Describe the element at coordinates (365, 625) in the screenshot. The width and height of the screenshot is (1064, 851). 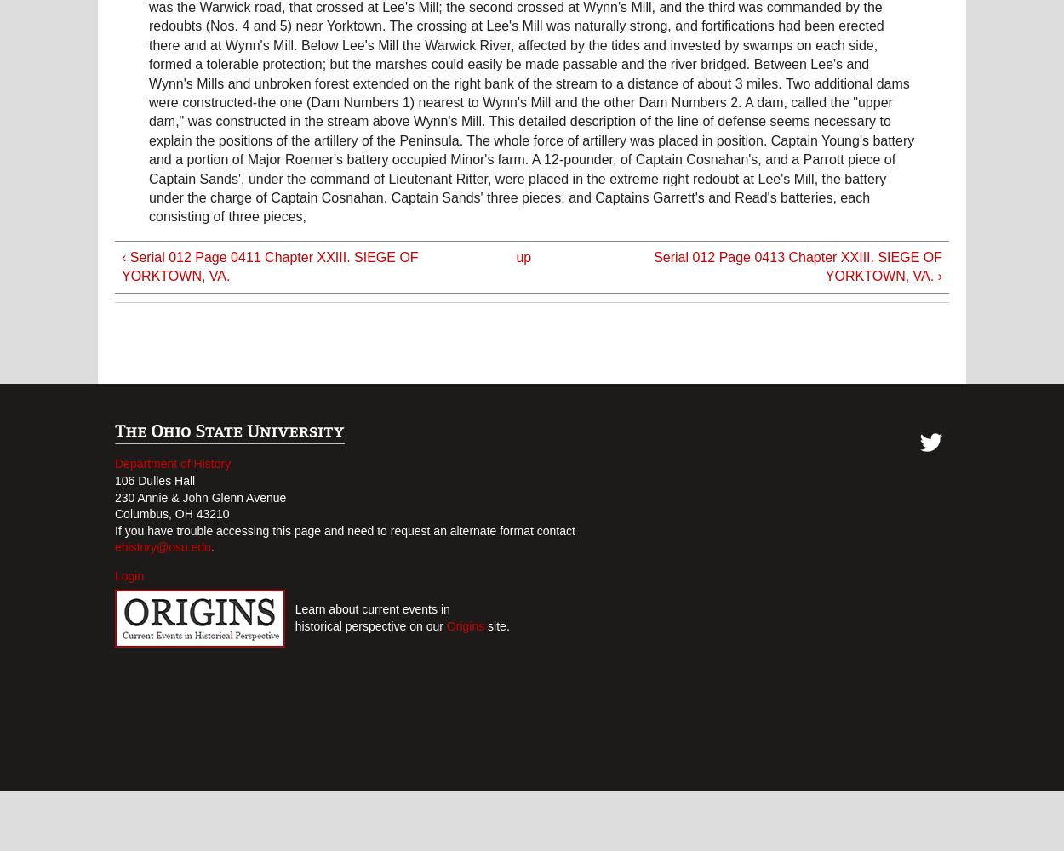
I see `'historical perspective on our'` at that location.